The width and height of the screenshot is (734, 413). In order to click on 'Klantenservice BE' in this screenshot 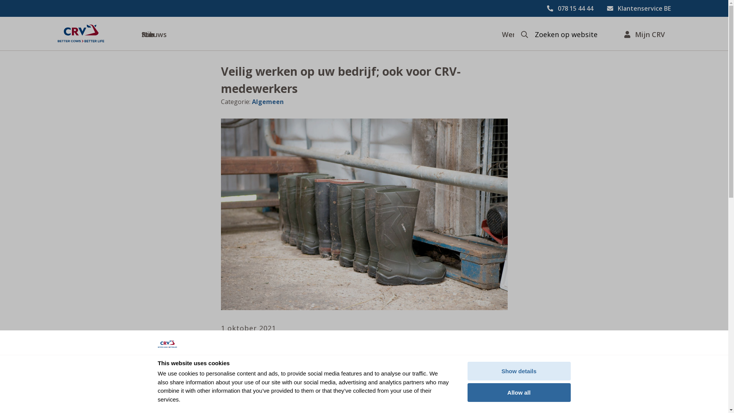, I will do `click(639, 8)`.